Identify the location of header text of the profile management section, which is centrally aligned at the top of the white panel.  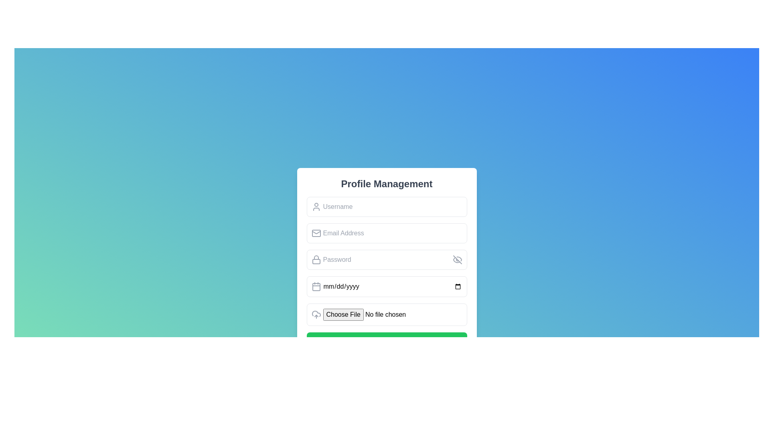
(387, 184).